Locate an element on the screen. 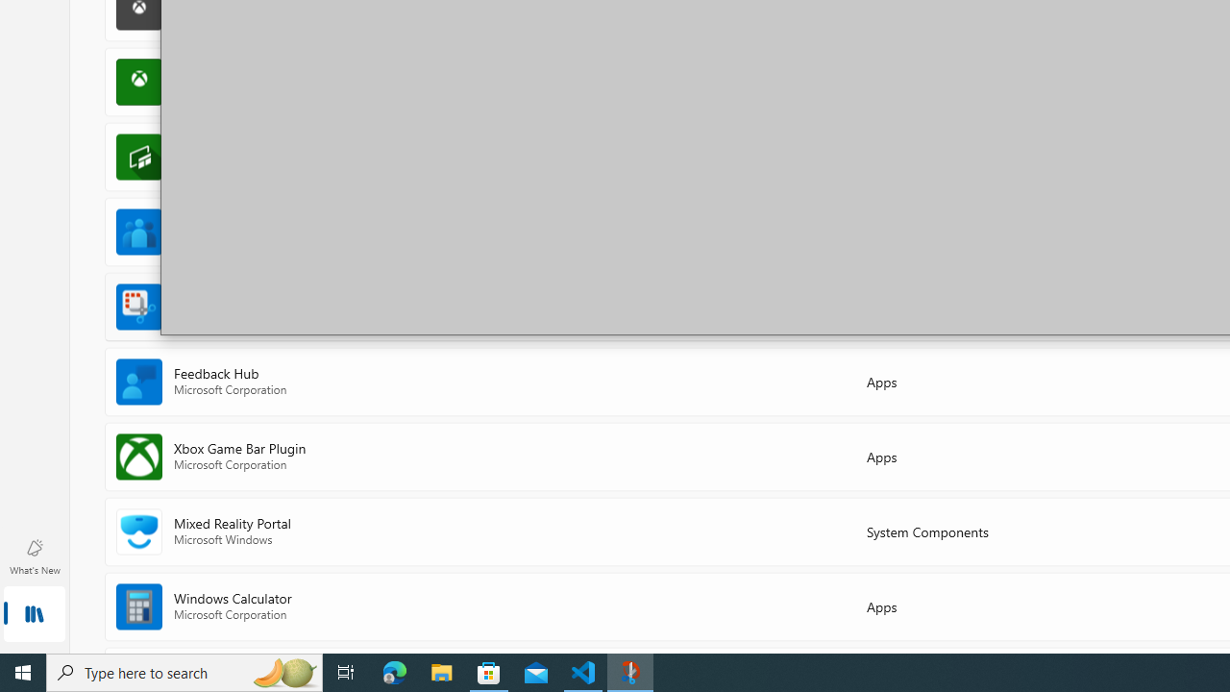 The image size is (1230, 692). 'Snip & Sketch - 1 running window' is located at coordinates (630, 671).